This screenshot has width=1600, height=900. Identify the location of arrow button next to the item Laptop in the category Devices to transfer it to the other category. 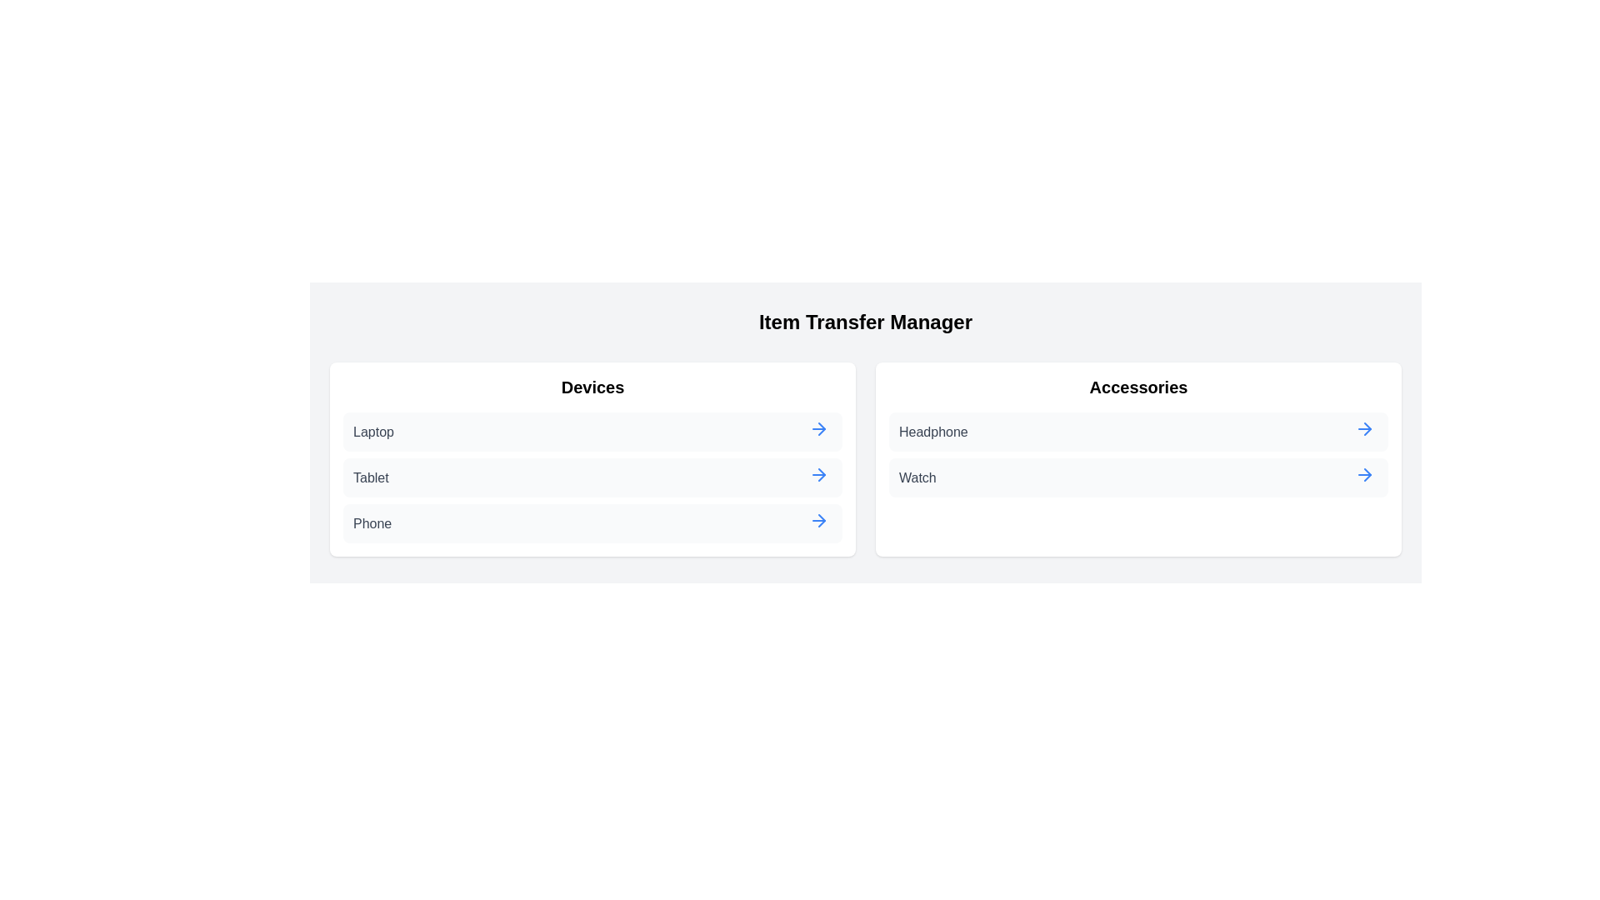
(819, 428).